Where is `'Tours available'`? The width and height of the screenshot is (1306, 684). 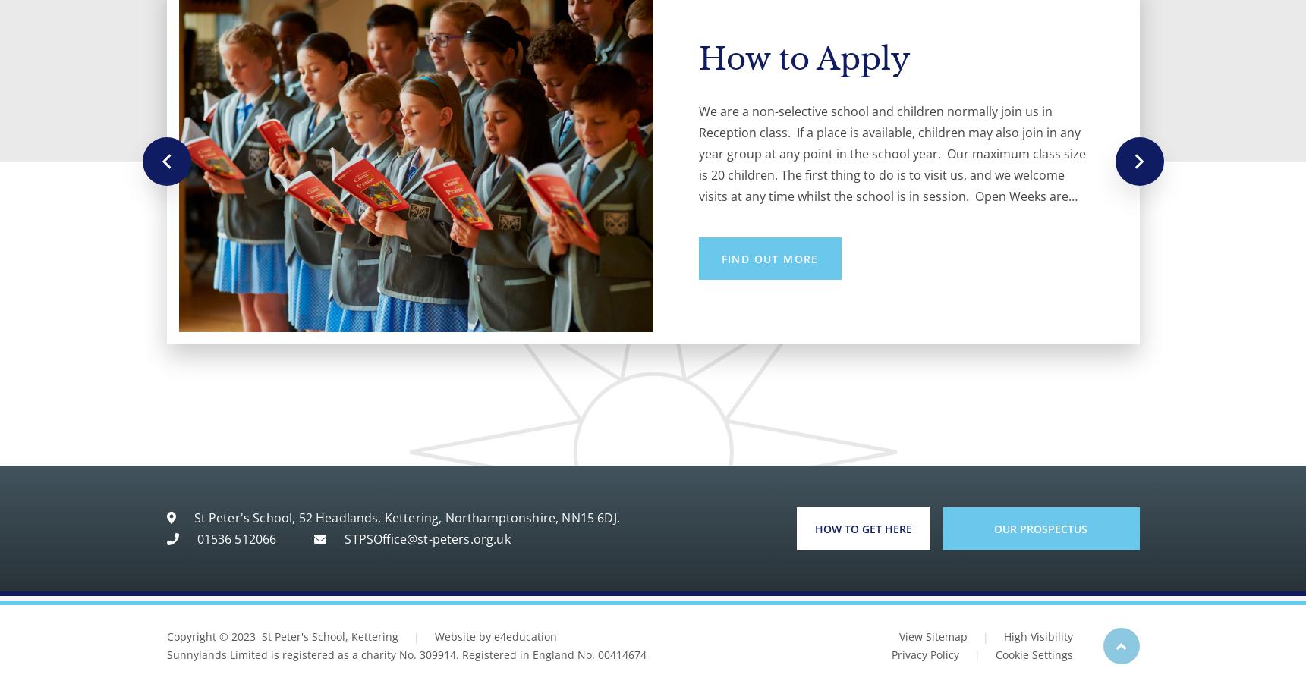
'Tours available' is located at coordinates (775, 194).